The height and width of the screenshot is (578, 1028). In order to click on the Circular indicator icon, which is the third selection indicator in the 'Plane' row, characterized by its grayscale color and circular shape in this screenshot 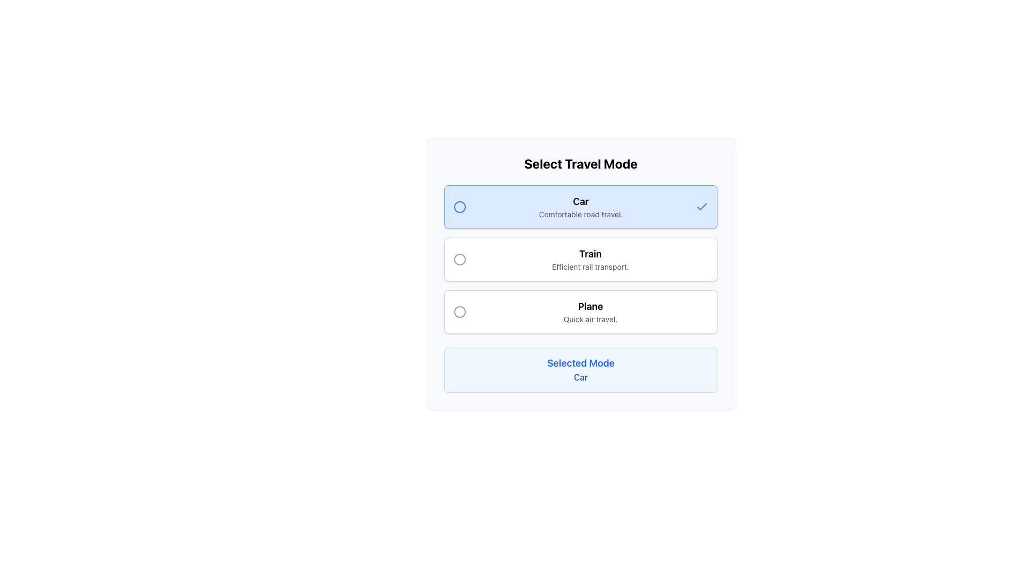, I will do `click(460, 311)`.